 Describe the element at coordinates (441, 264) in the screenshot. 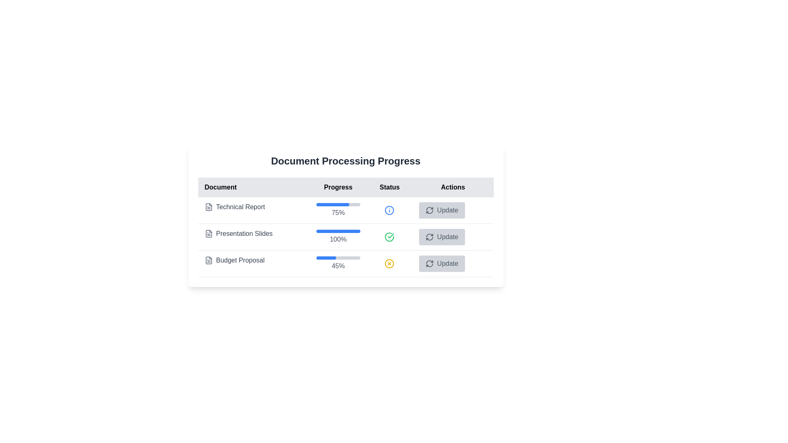

I see `the third 'Update' button in the 'Actions' column corresponding to 'Budget Proposal' to change its appearance` at that location.